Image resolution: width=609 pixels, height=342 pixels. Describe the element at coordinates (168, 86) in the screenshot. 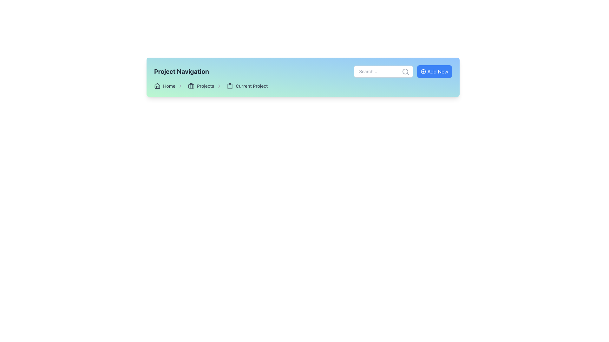

I see `the 'Home' breadcrumb item, which is the first text label with a house icon in the navigation bar` at that location.